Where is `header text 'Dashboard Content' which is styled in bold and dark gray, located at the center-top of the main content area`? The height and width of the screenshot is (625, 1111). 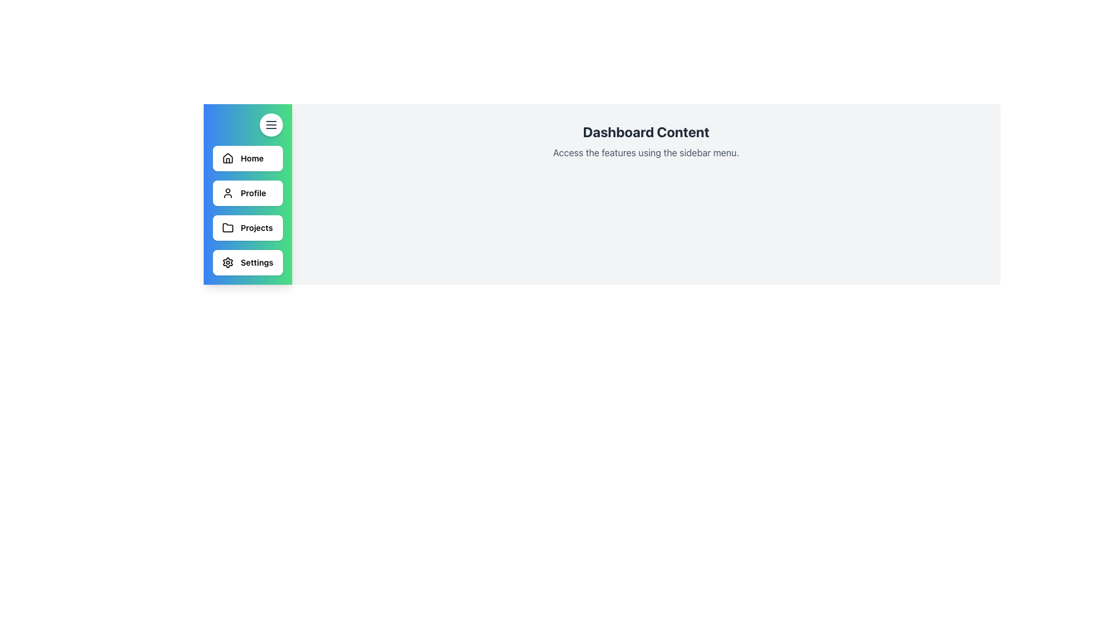
header text 'Dashboard Content' which is styled in bold and dark gray, located at the center-top of the main content area is located at coordinates (645, 131).